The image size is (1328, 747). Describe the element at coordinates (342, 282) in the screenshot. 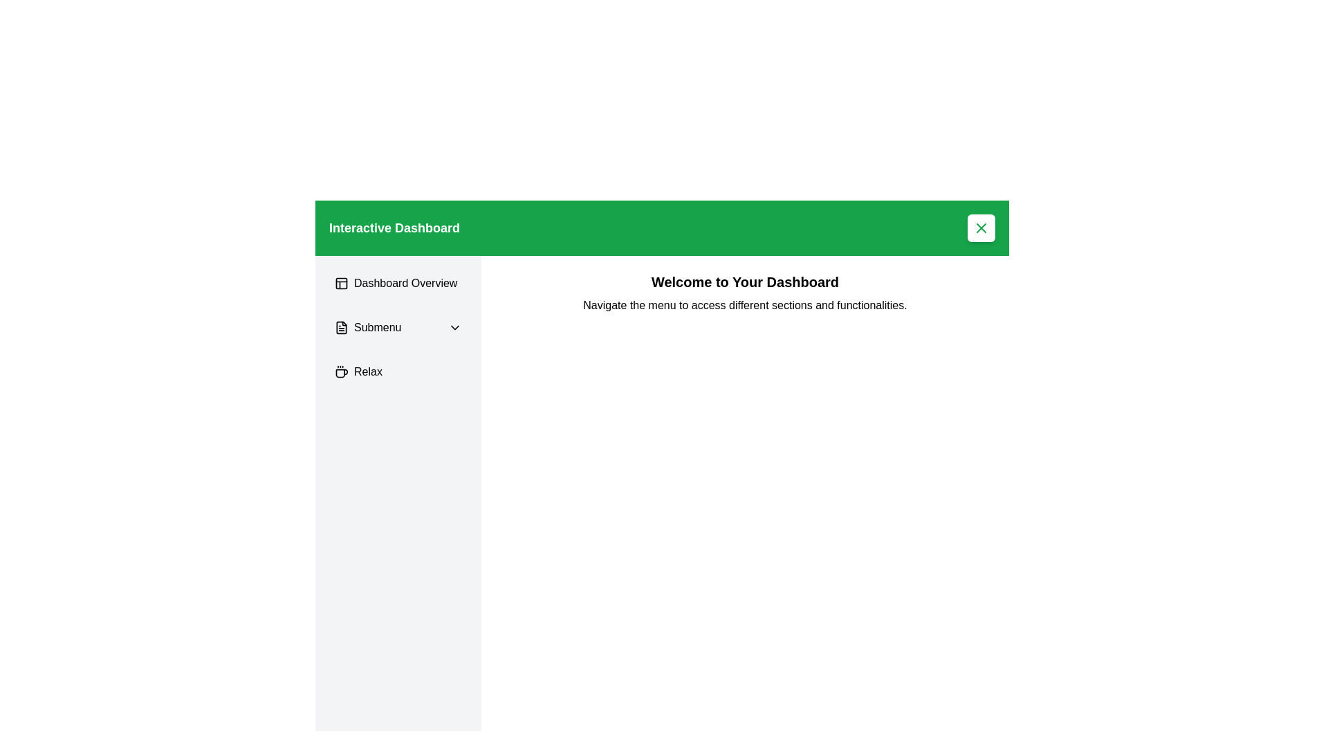

I see `the 'Dashboard Overview' icon located in the left navigation bar, which is positioned to the left of the text label 'Dashboard Overview'` at that location.